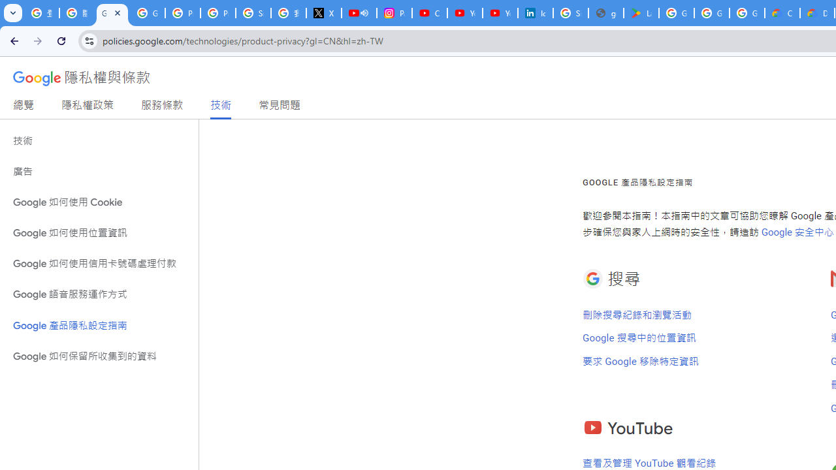 This screenshot has height=470, width=836. I want to click on 'Customer Care | Google Cloud', so click(782, 13).